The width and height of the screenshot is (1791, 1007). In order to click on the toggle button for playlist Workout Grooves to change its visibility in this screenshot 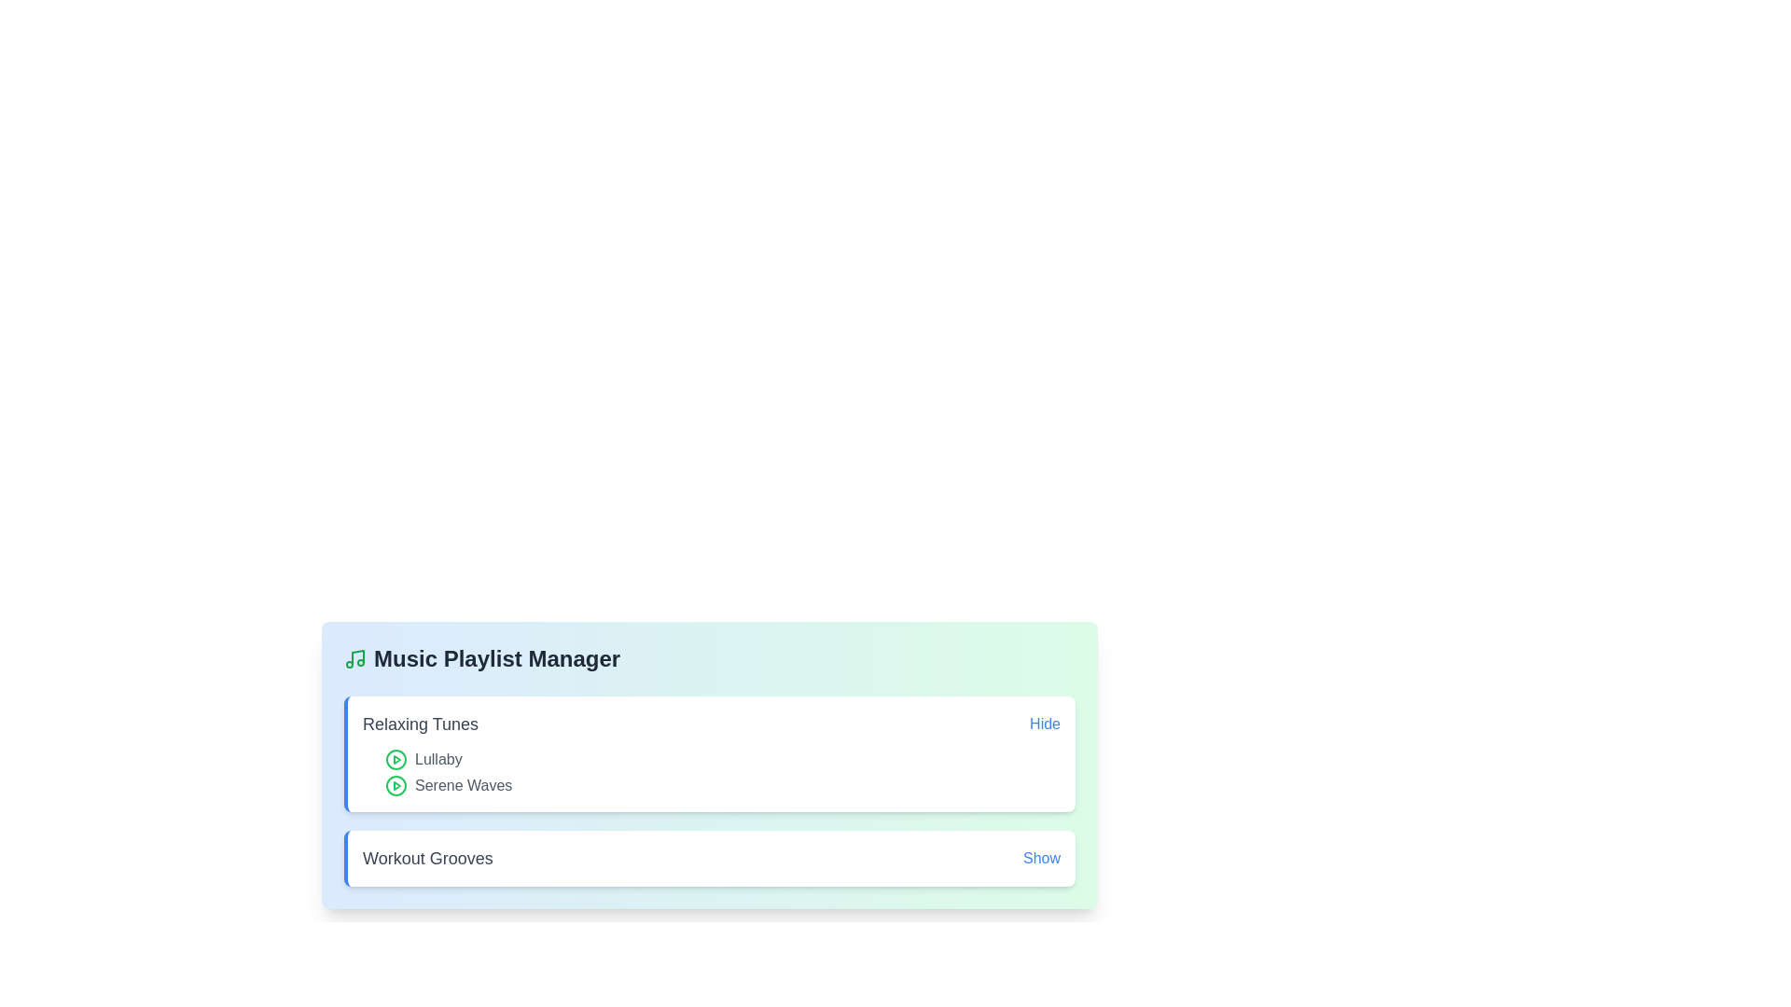, I will do `click(1041, 859)`.